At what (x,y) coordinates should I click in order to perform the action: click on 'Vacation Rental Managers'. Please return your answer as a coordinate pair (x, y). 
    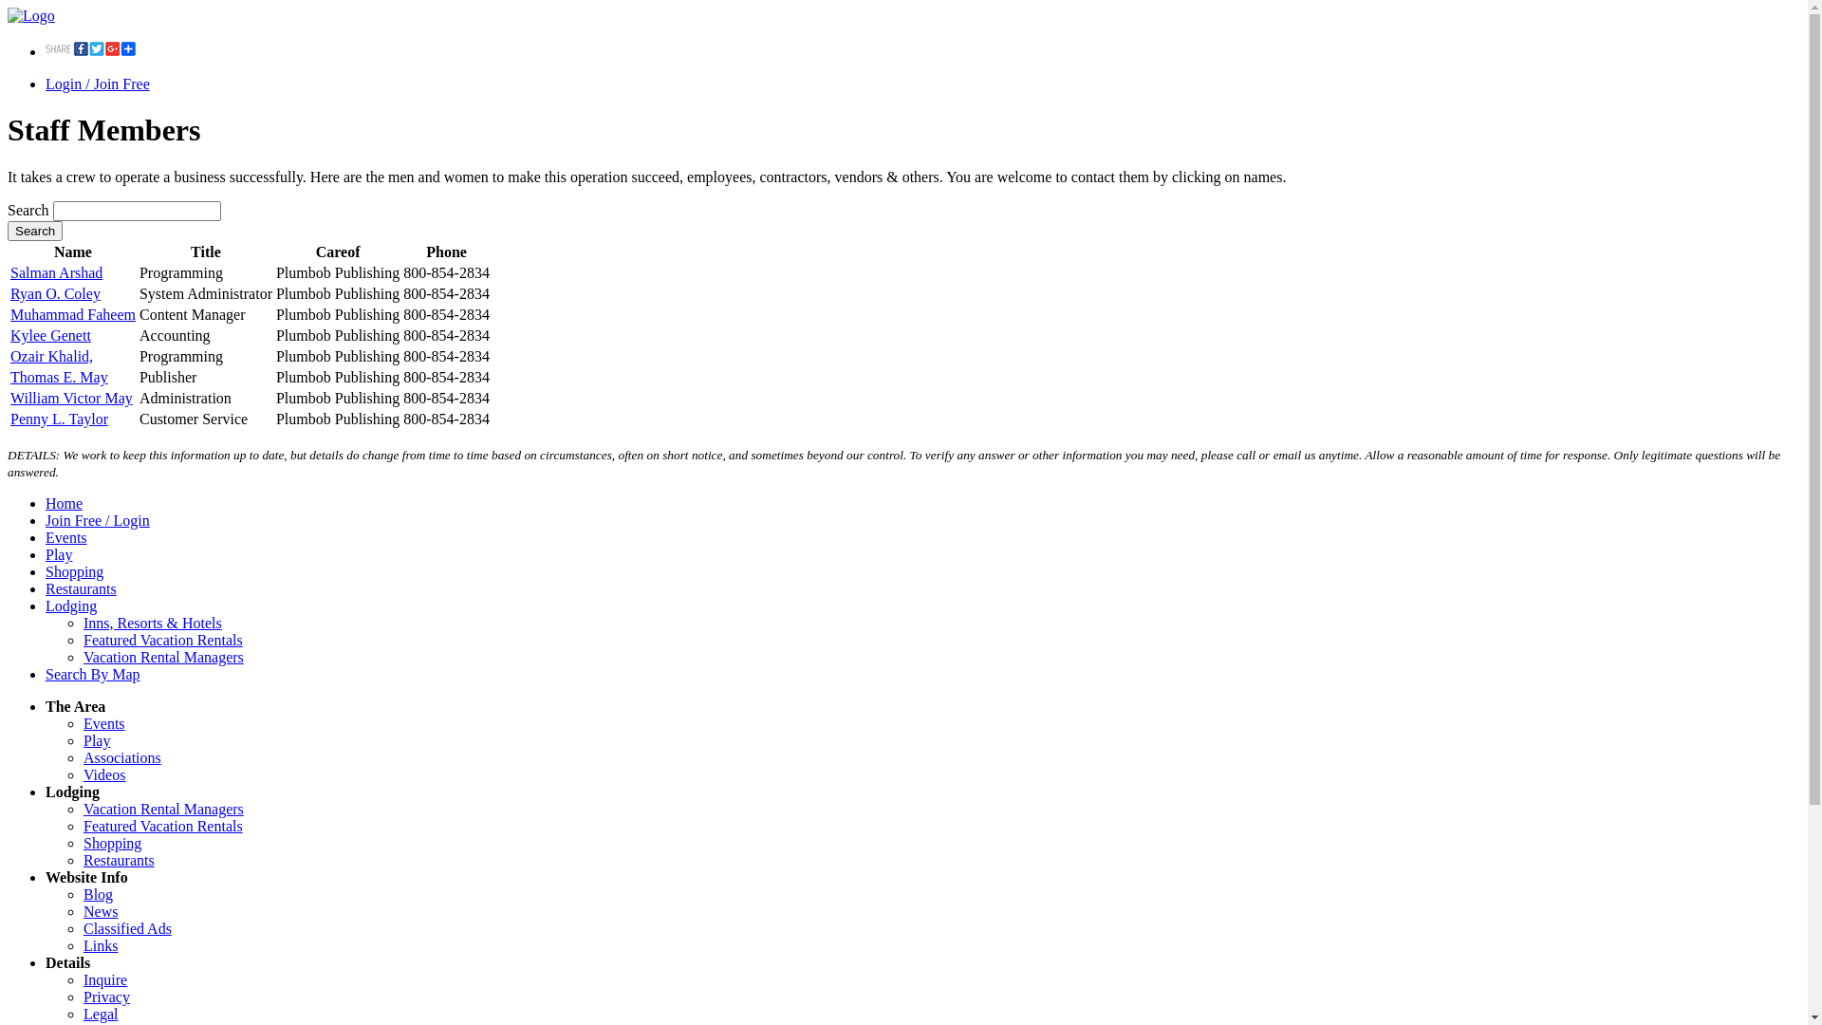
    Looking at the image, I should click on (163, 809).